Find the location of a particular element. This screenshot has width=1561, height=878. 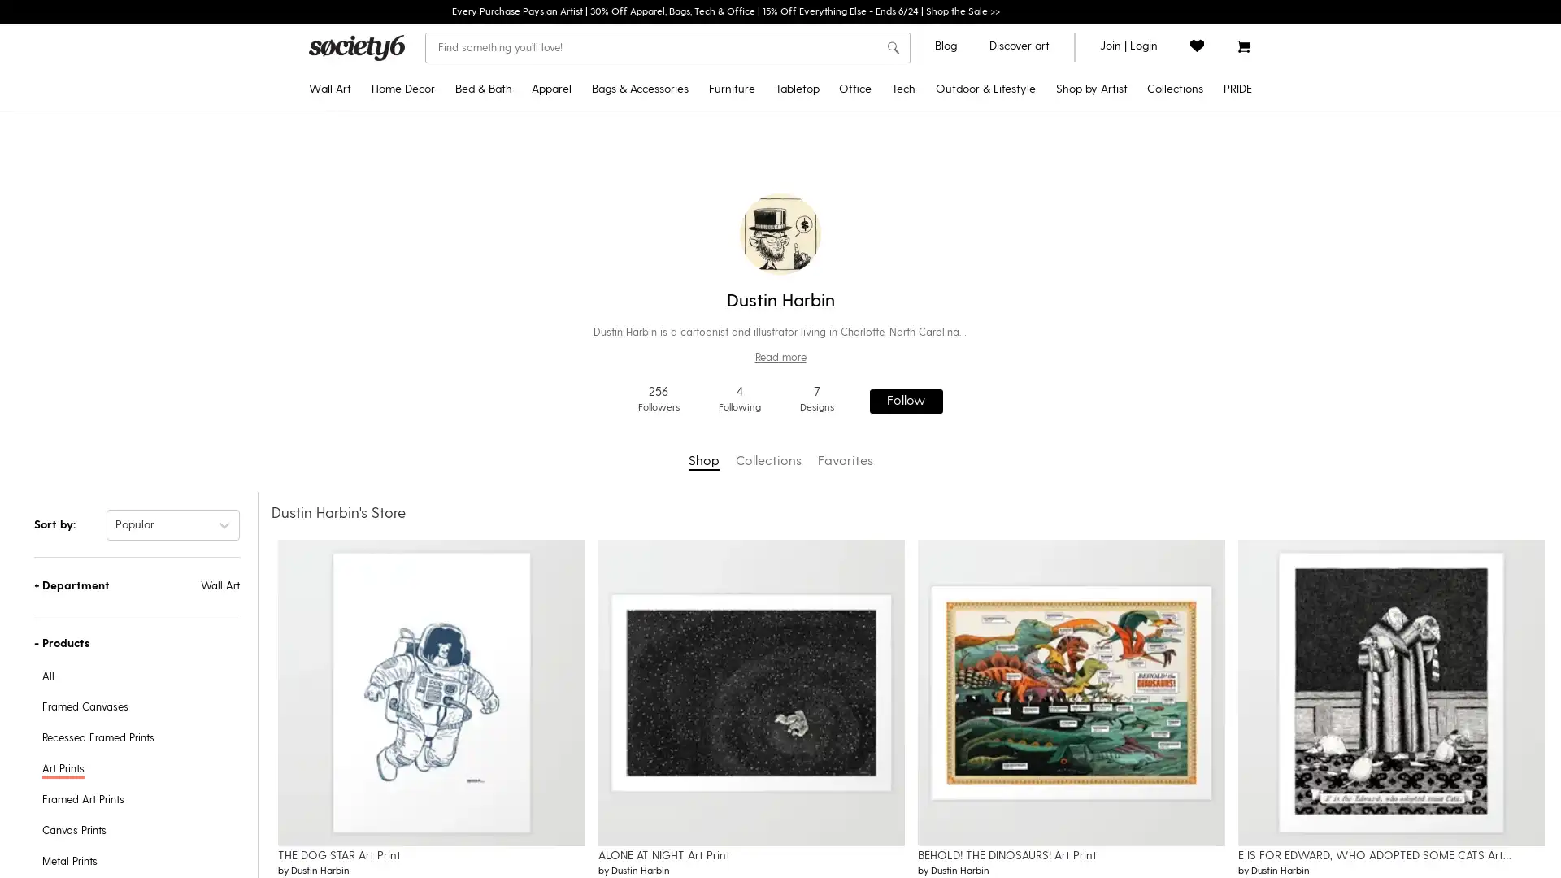

Yoga & Mindfulness is located at coordinates (1115, 393).